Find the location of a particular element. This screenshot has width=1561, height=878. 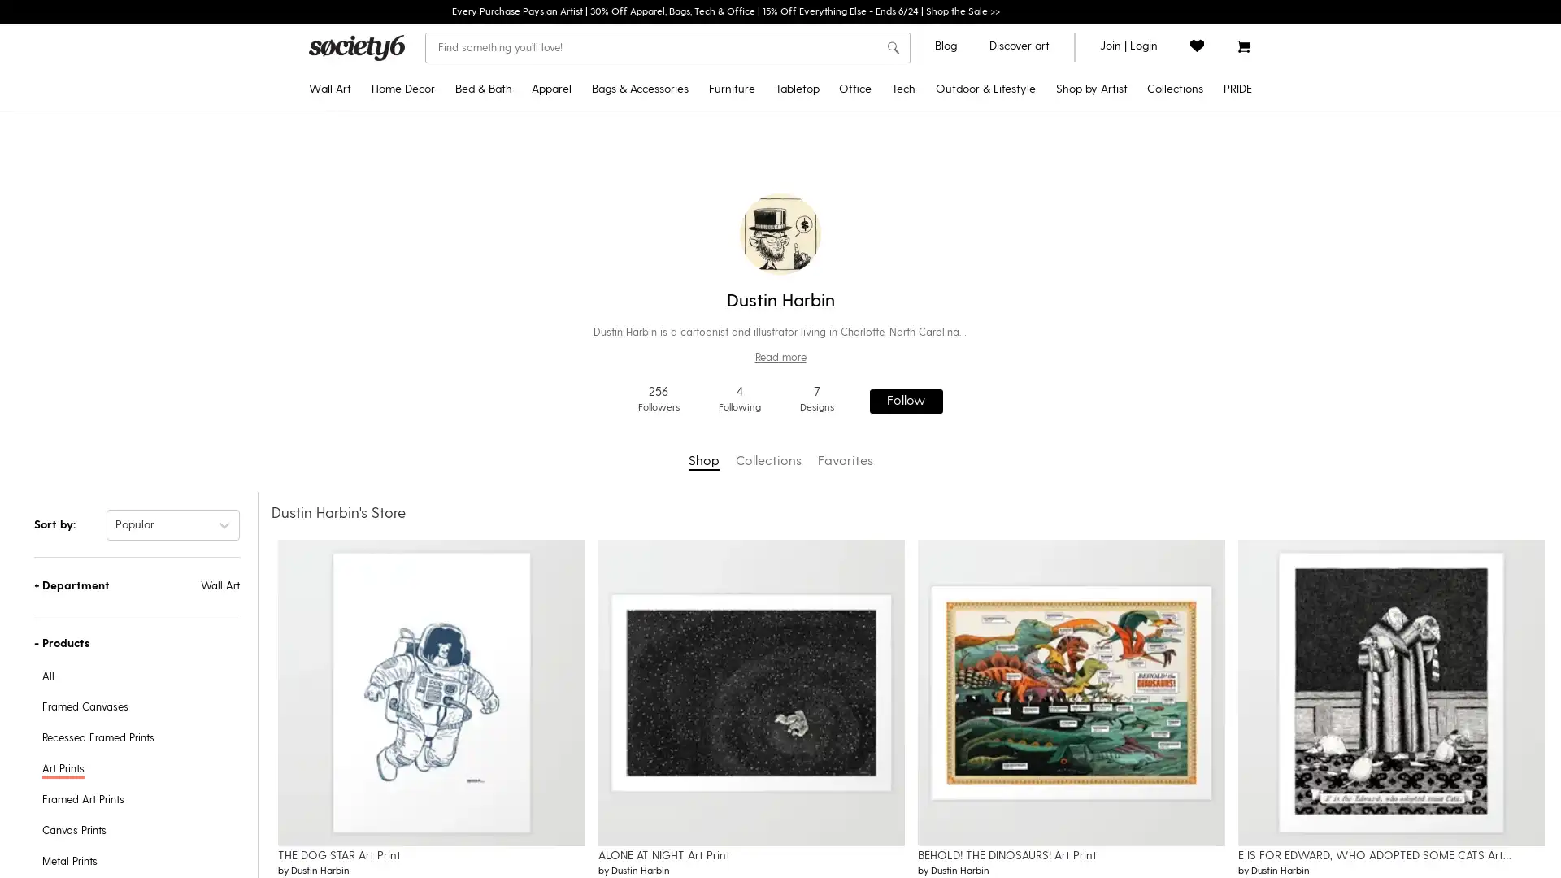

Yoga & Mindfulness is located at coordinates (1115, 393).